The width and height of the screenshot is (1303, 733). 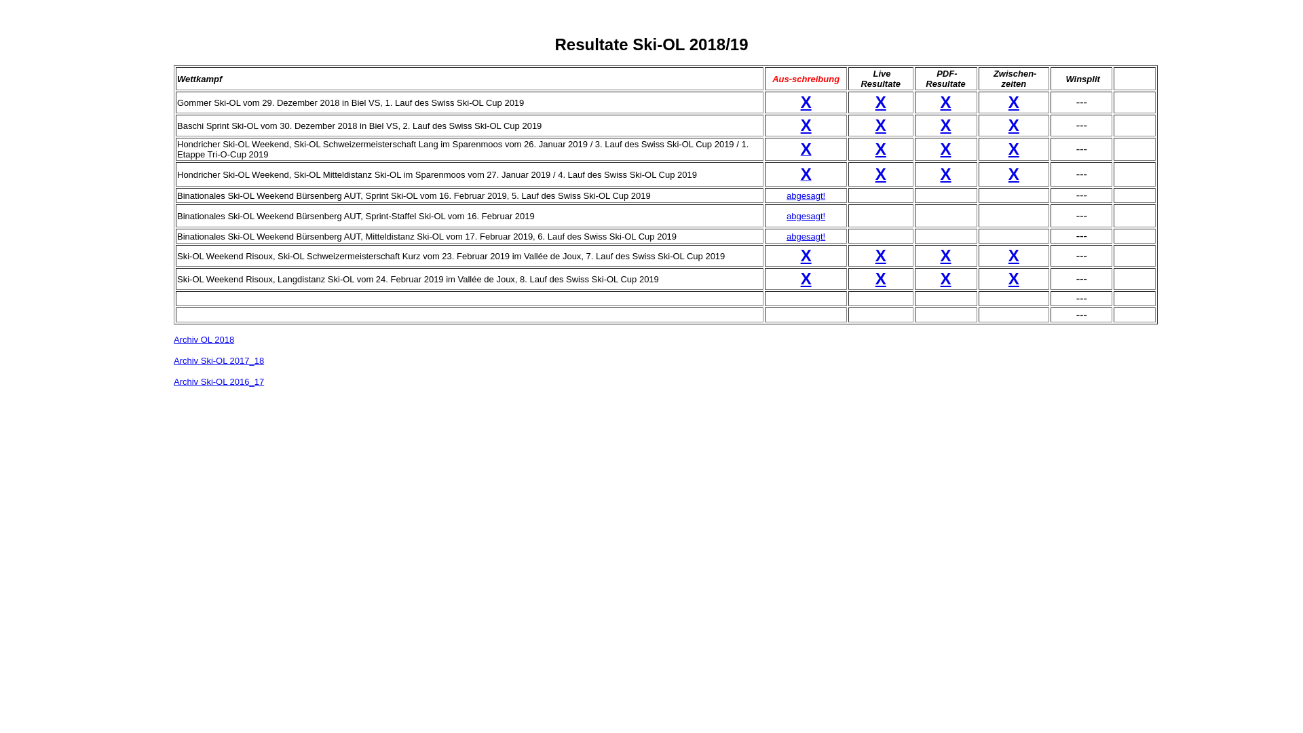 What do you see at coordinates (880, 125) in the screenshot?
I see `'X'` at bounding box center [880, 125].